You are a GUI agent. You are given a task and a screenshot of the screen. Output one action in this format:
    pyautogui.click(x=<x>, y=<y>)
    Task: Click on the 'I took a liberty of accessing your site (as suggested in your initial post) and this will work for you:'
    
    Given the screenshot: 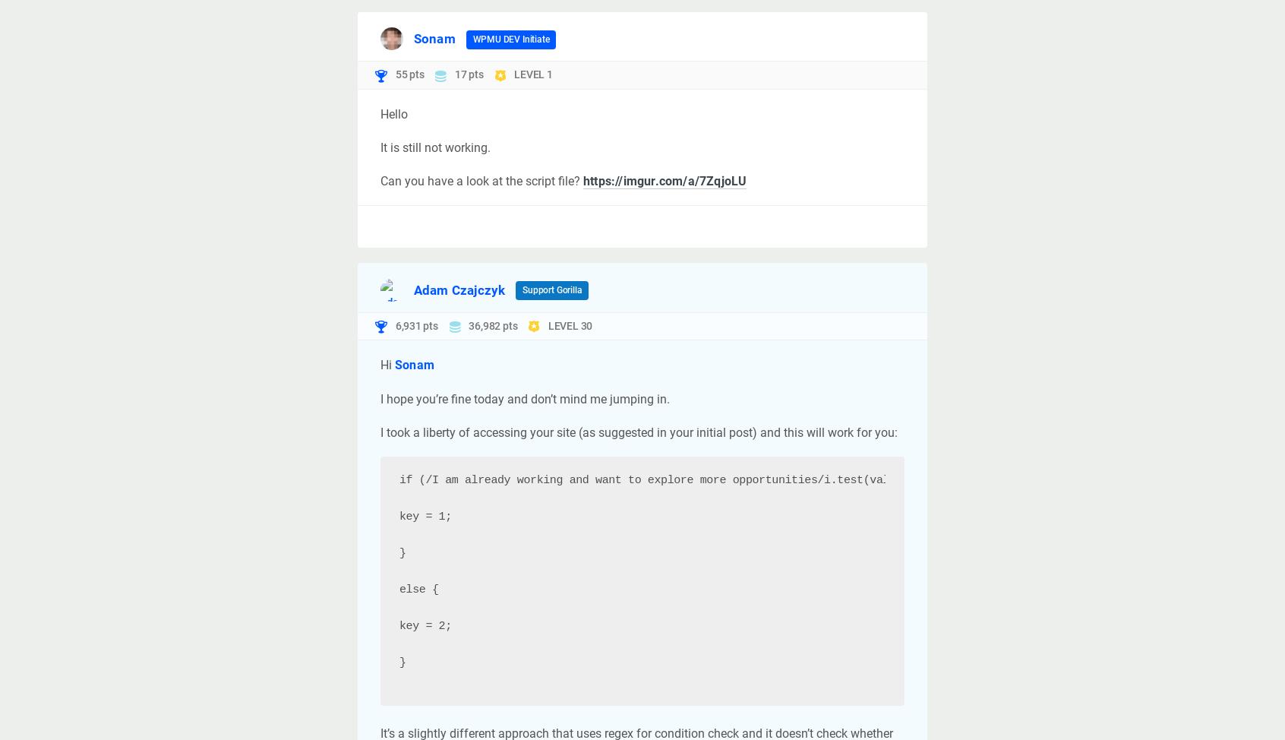 What is the action you would take?
    pyautogui.click(x=639, y=432)
    